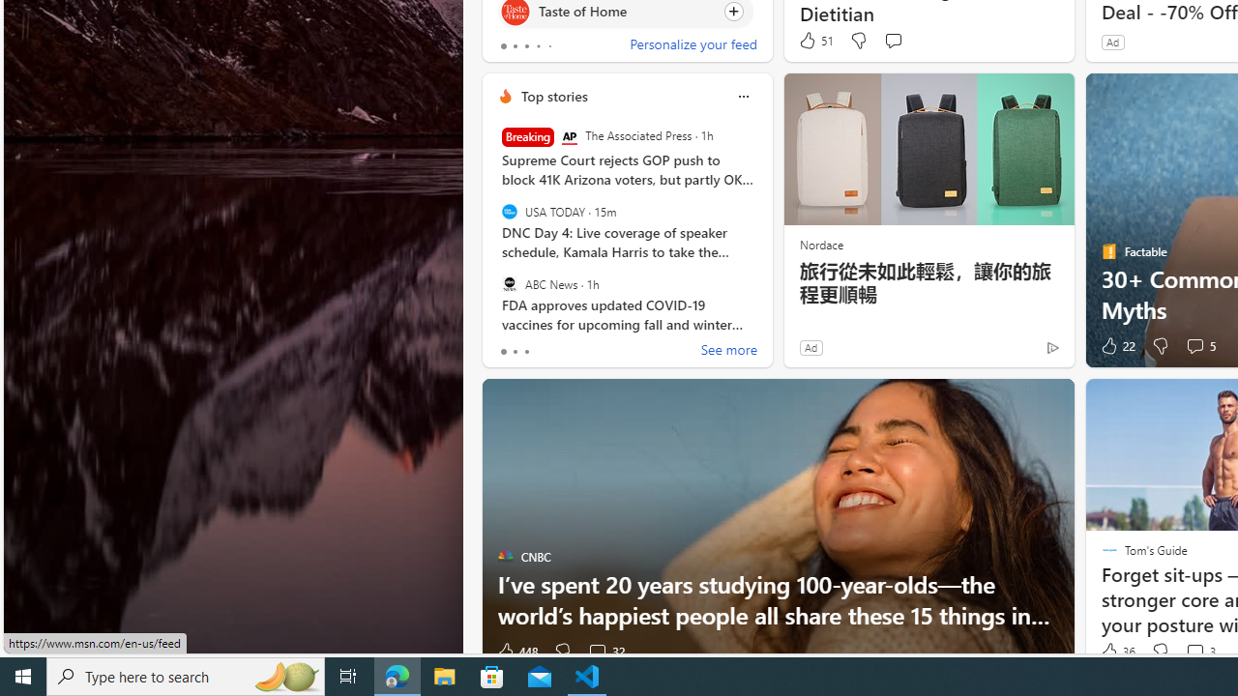  Describe the element at coordinates (693, 44) in the screenshot. I see `'Personalize your feed'` at that location.